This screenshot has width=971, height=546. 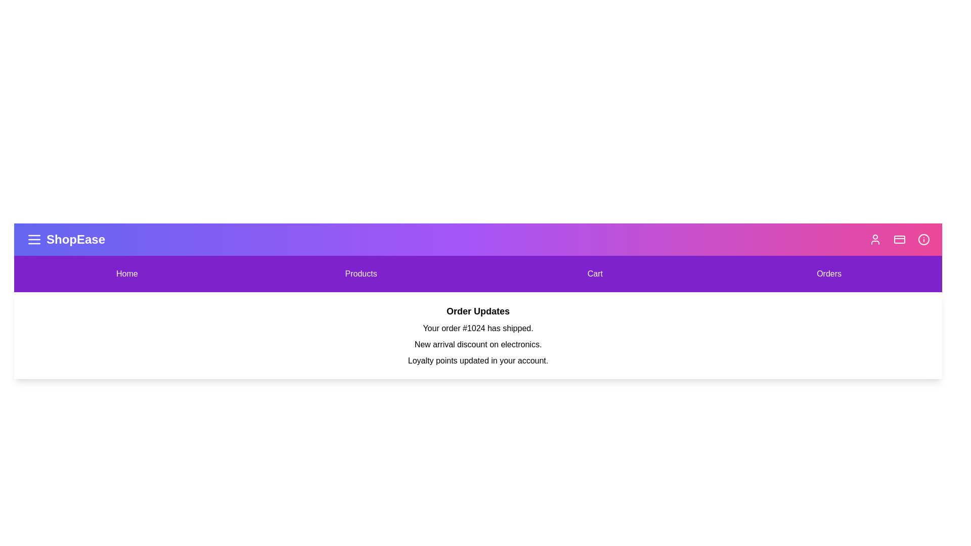 What do you see at coordinates (34, 240) in the screenshot?
I see `the menu icon to toggle the menu visibility` at bounding box center [34, 240].